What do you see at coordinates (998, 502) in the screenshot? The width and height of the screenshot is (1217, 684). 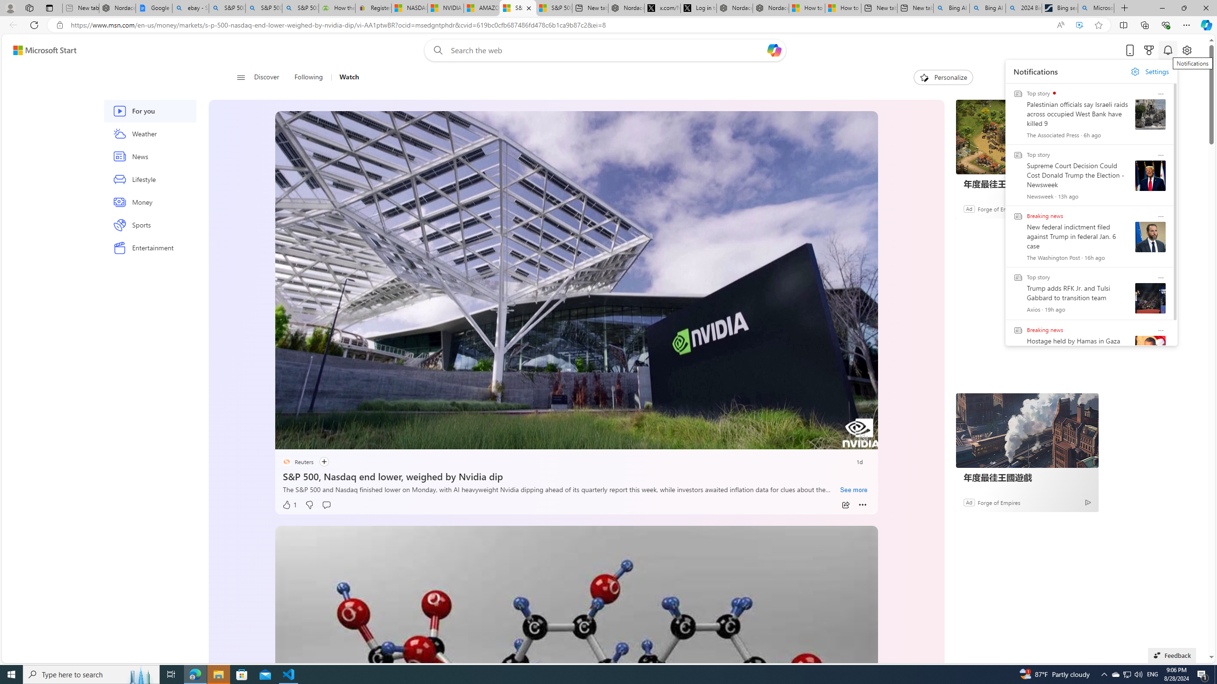 I see `'Forge of Empires'` at bounding box center [998, 502].